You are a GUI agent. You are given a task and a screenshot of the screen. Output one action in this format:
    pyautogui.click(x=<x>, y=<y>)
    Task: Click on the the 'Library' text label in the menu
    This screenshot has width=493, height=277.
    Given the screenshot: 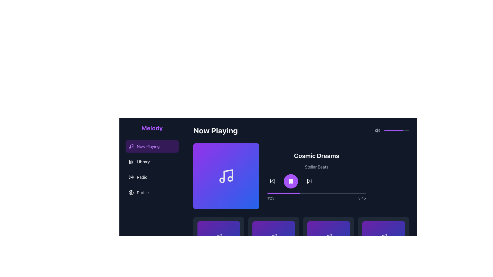 What is the action you would take?
    pyautogui.click(x=143, y=162)
    